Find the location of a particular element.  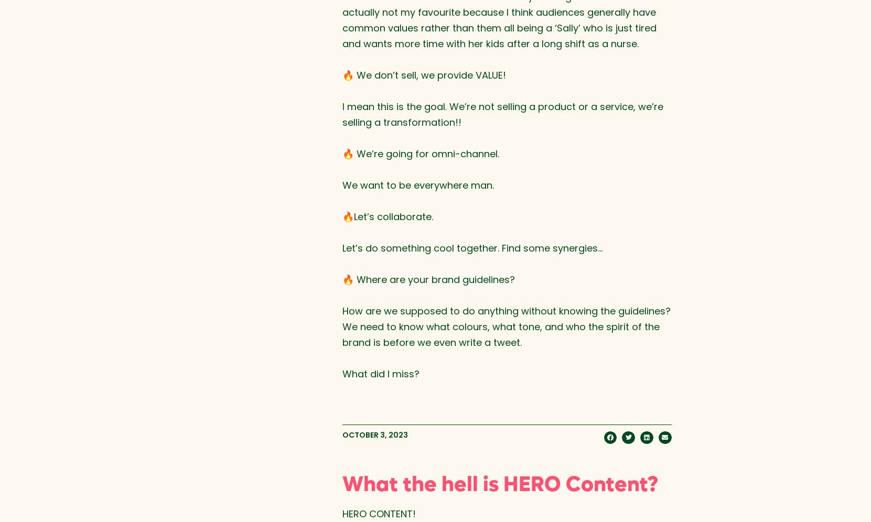

'We want to be everywhere man.⁠' is located at coordinates (341, 184).